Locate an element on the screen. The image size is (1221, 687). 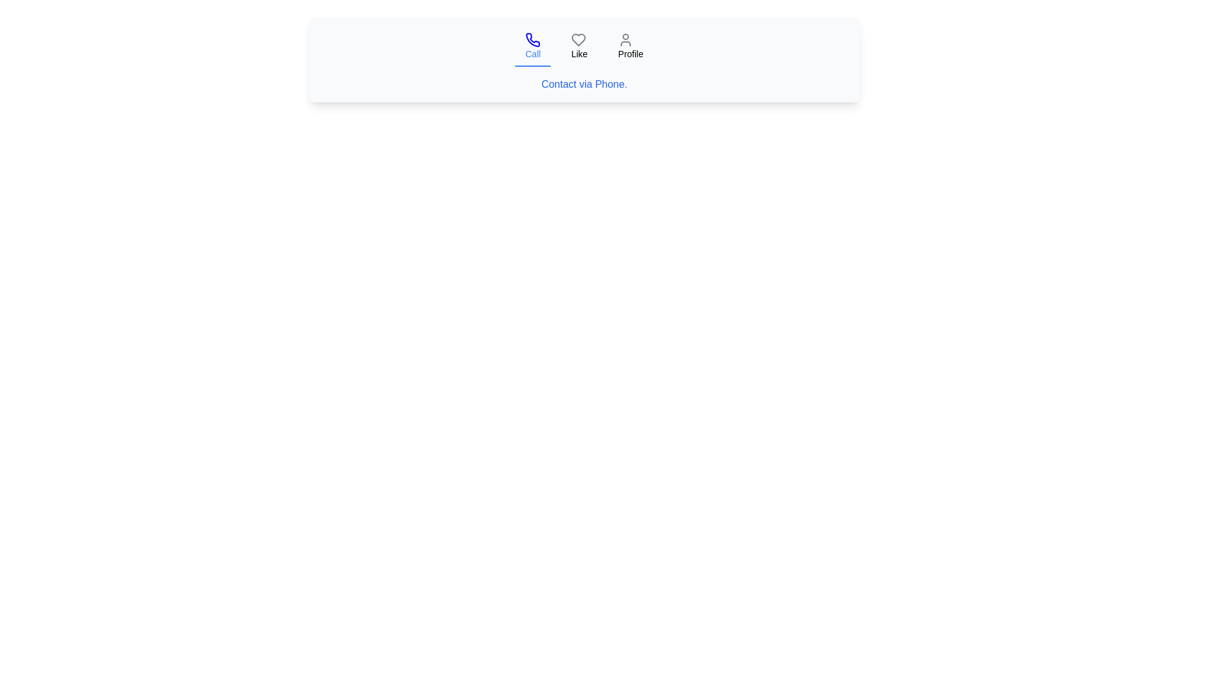
the 'Profile' text label located at the top-right portion of the horizontal menu bar, which follows the 'Call' and 'Like' items and aligns with a user icon above it is located at coordinates (630, 53).